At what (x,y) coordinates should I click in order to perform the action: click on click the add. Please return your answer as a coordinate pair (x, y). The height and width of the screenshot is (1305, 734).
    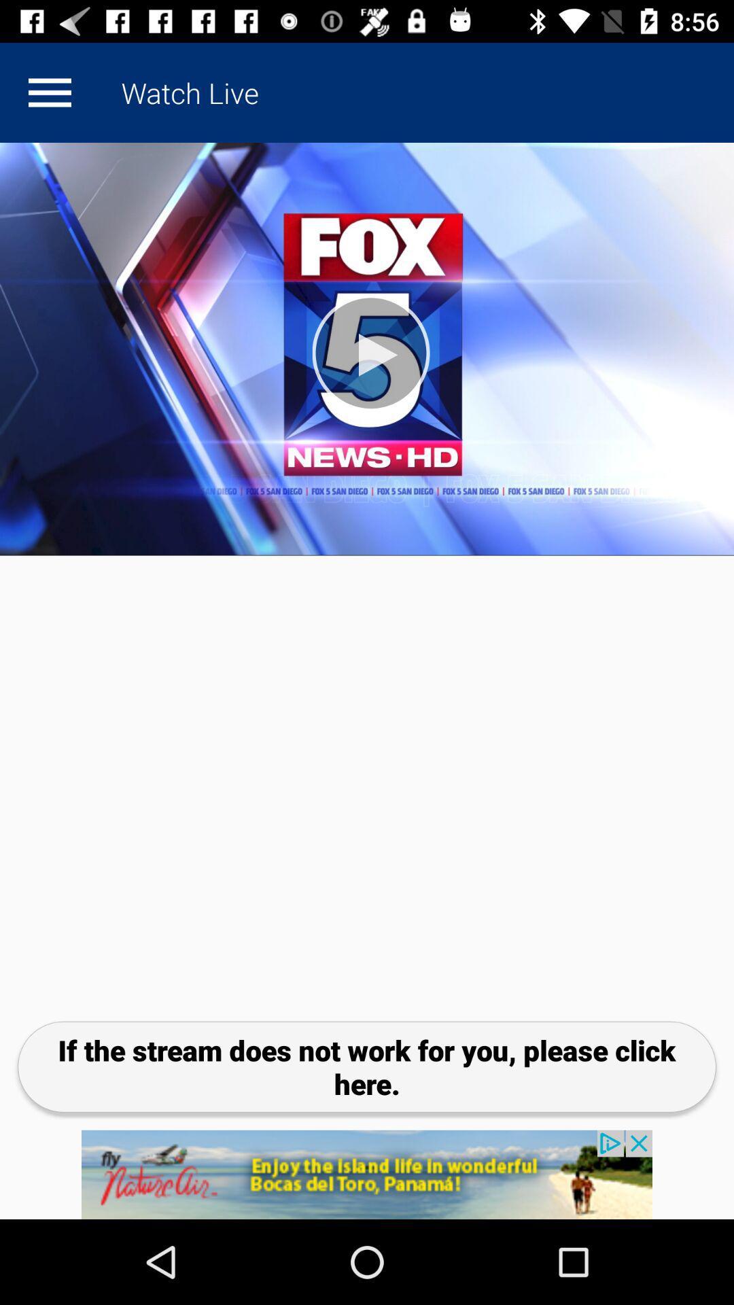
    Looking at the image, I should click on (367, 1174).